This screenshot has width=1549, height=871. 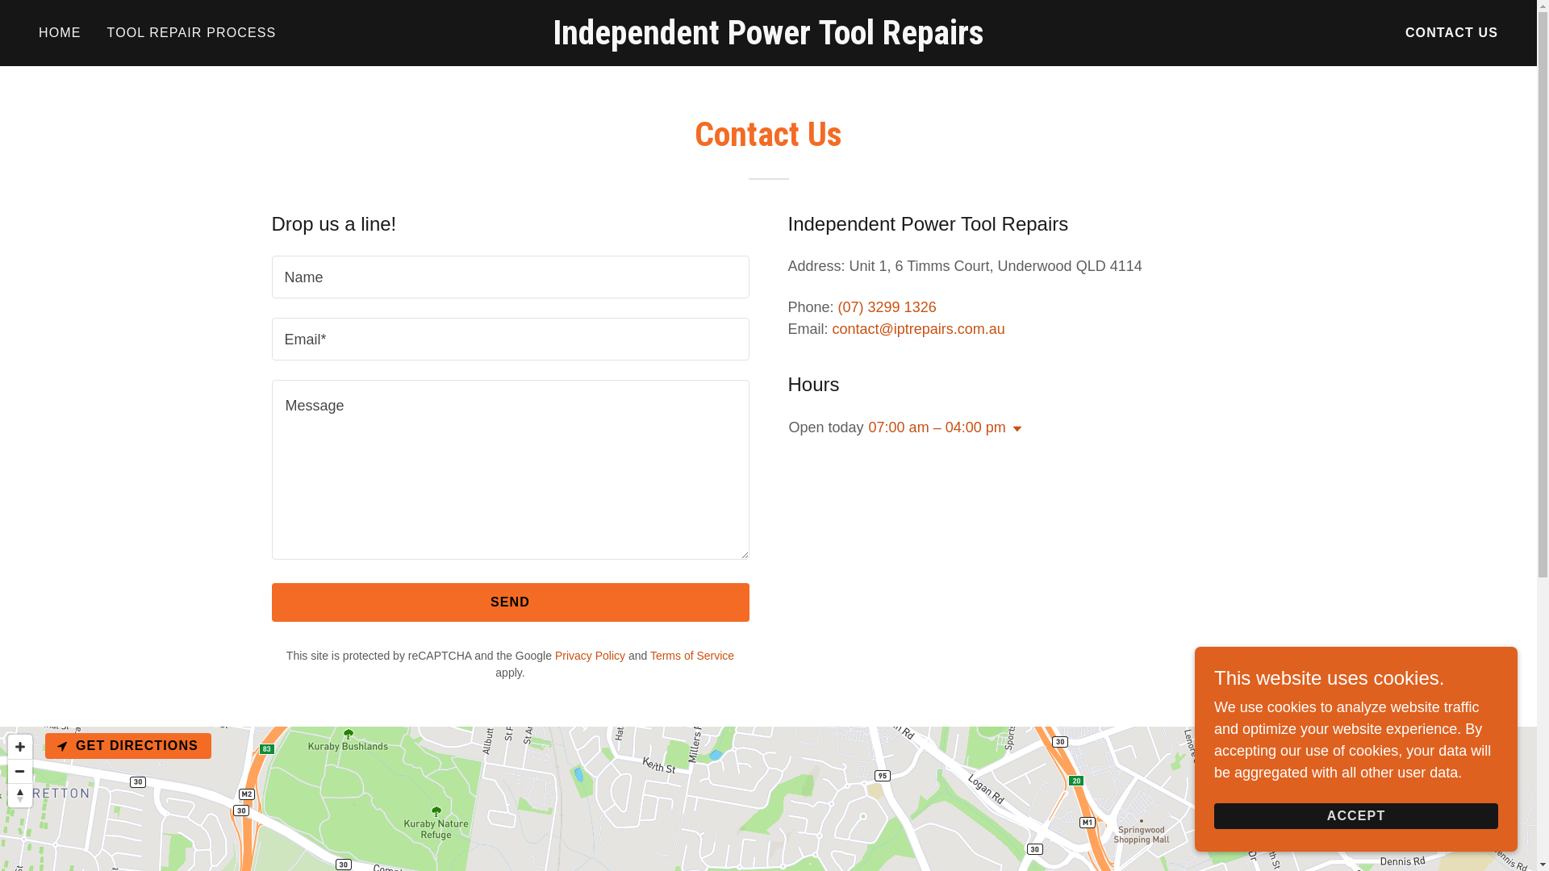 I want to click on 'Privacy Policy', so click(x=589, y=656).